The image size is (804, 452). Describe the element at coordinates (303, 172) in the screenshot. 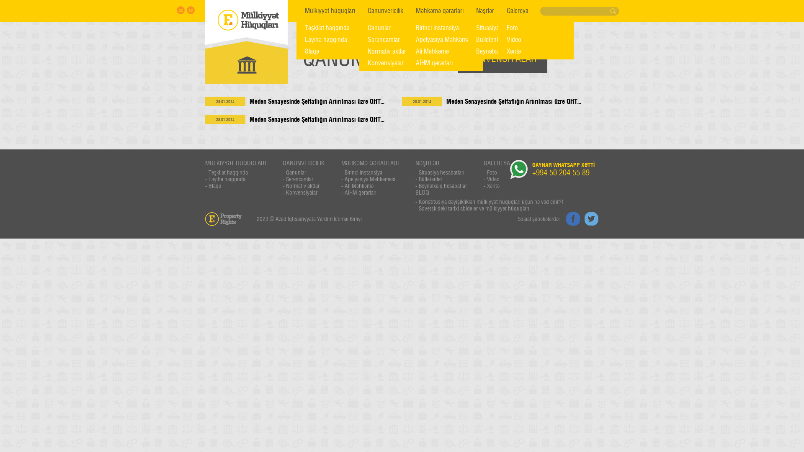

I see `'- Qanunlar'` at that location.